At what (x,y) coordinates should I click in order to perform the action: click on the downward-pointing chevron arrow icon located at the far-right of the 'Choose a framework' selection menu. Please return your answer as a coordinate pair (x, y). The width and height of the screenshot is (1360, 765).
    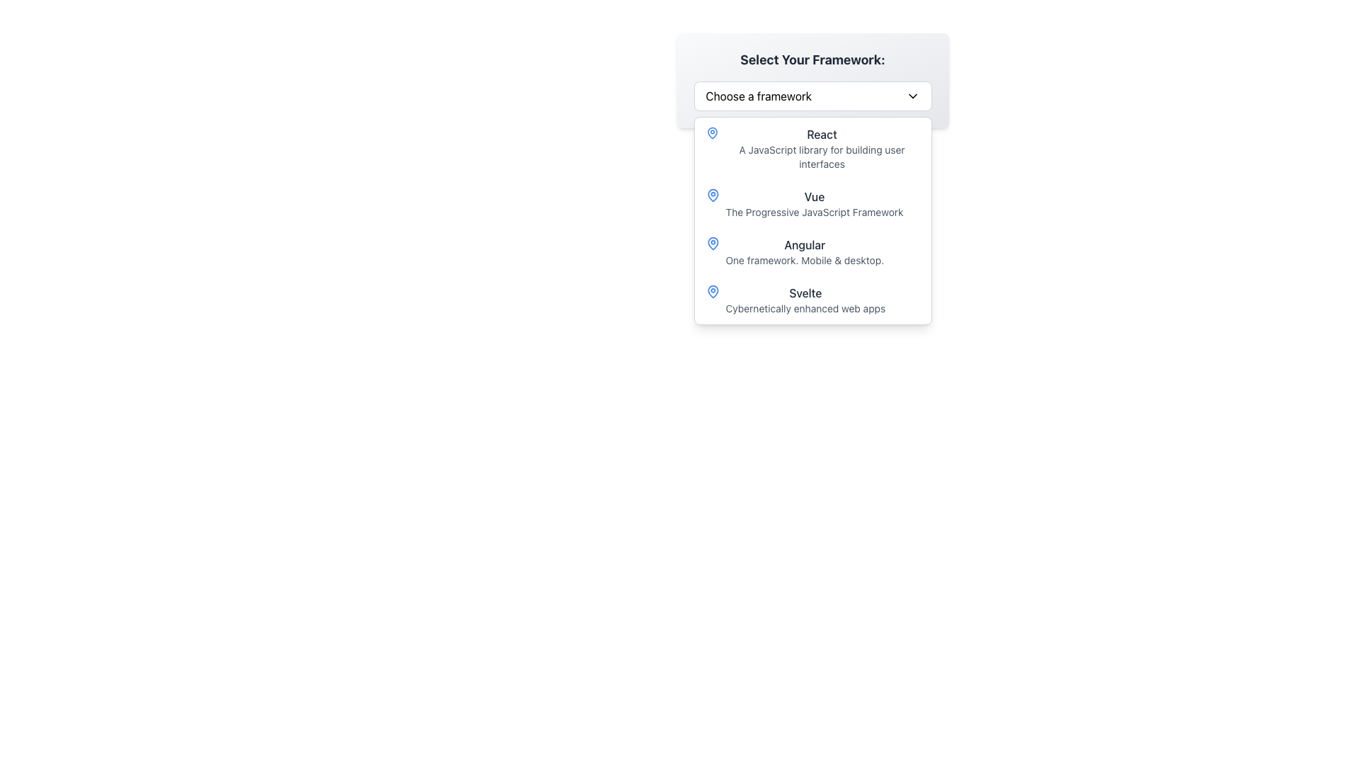
    Looking at the image, I should click on (912, 96).